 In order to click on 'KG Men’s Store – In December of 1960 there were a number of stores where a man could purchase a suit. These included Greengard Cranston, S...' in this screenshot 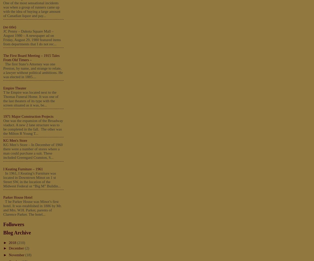, I will do `click(33, 151)`.